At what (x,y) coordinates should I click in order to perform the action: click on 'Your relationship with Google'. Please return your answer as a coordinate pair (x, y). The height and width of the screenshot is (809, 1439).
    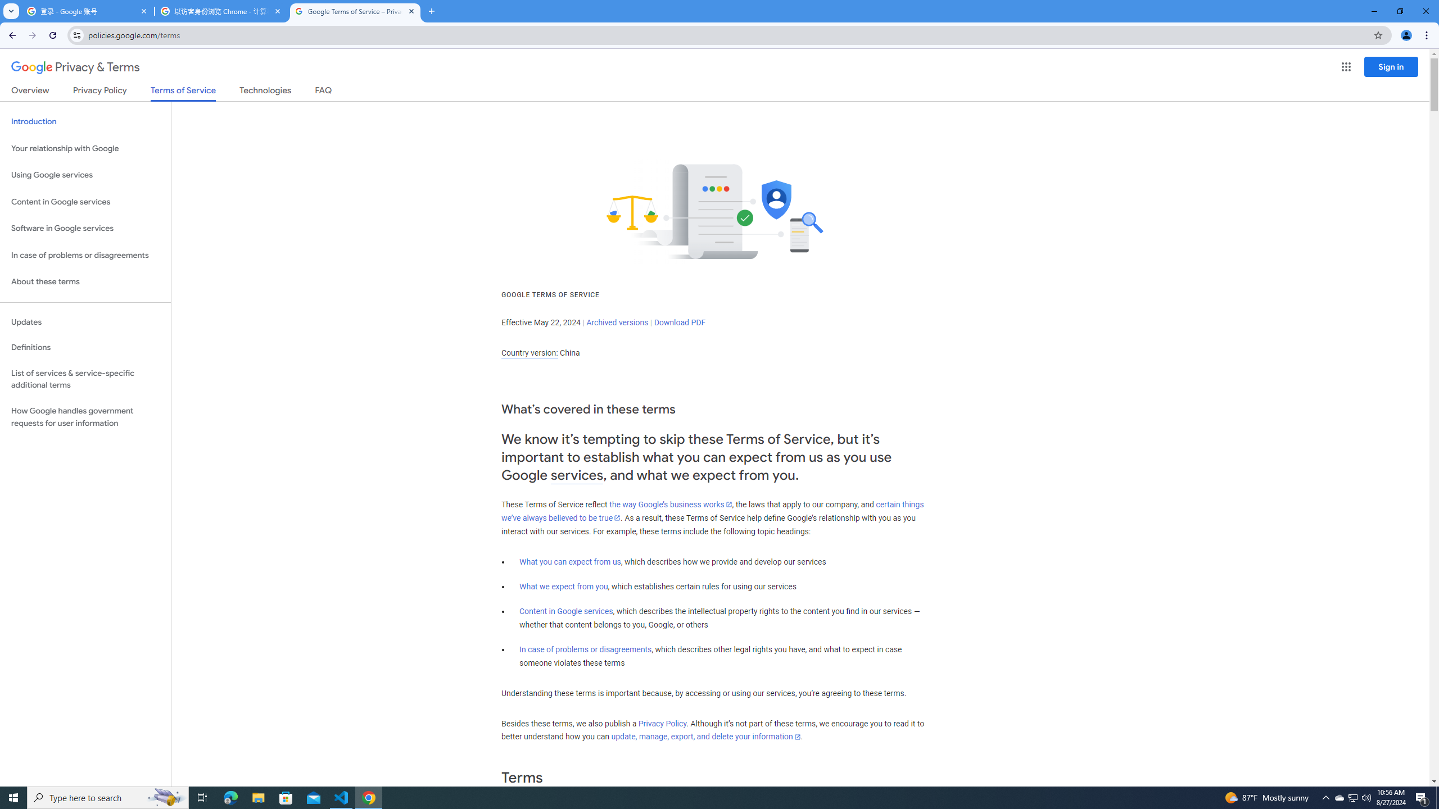
    Looking at the image, I should click on (85, 148).